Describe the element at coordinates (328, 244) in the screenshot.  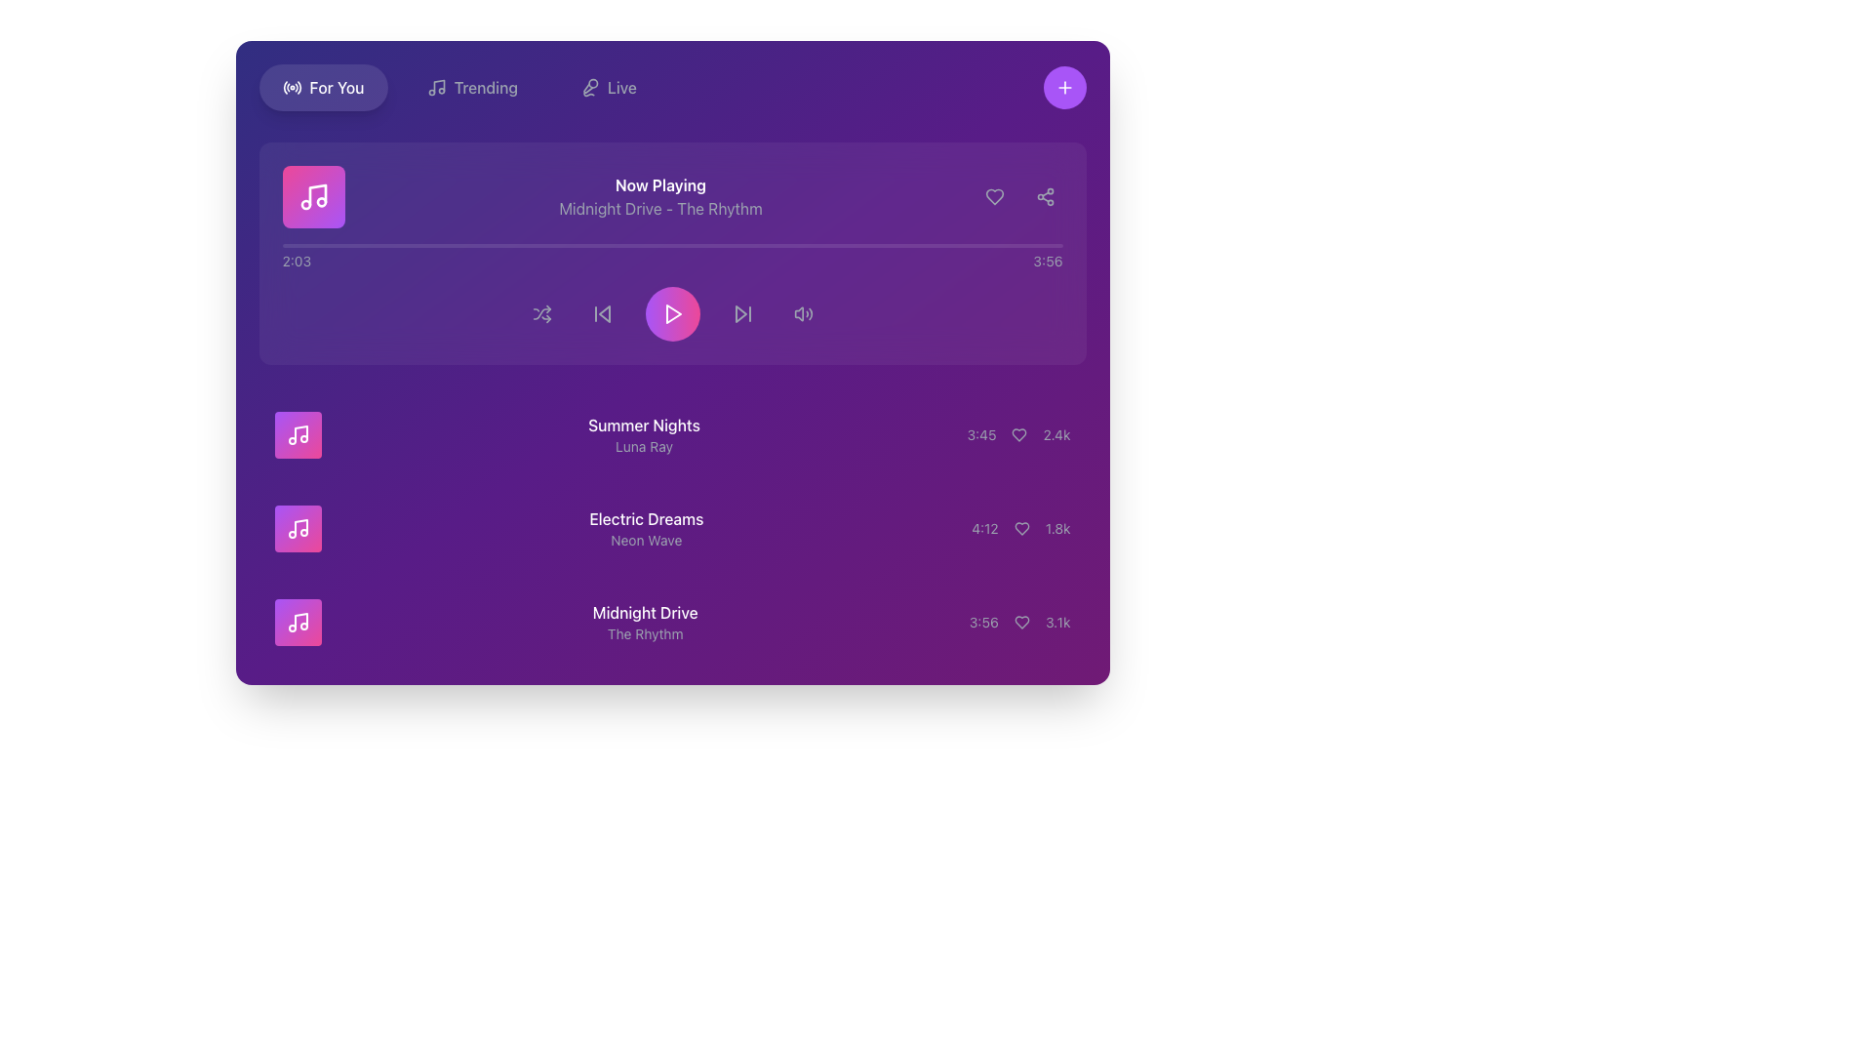
I see `playback position` at that location.